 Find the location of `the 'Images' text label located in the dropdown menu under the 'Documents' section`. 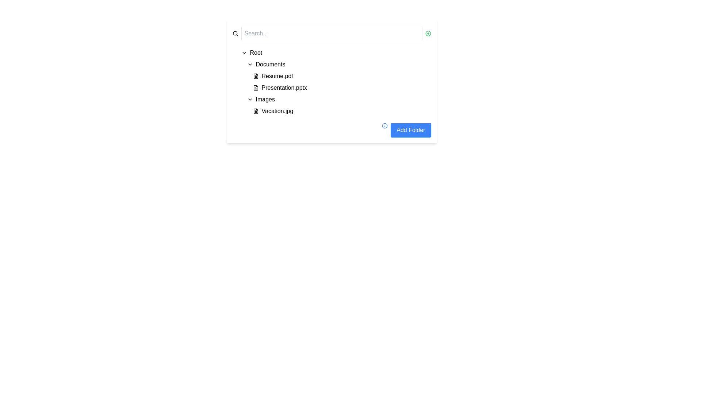

the 'Images' text label located in the dropdown menu under the 'Documents' section is located at coordinates (265, 100).